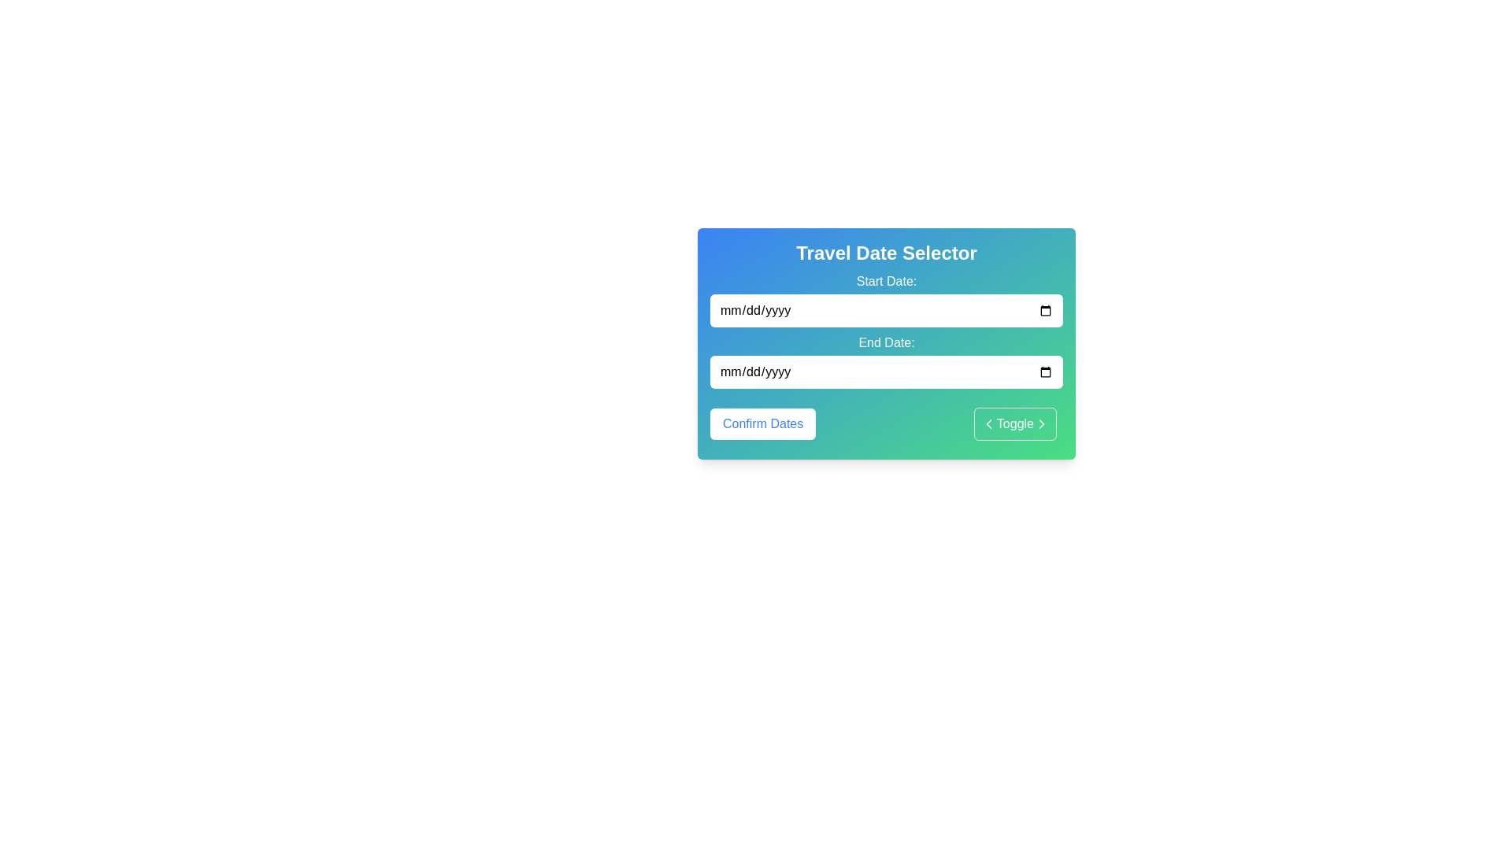 This screenshot has height=850, width=1512. What do you see at coordinates (988, 423) in the screenshot?
I see `the SVG icon that serves as a visual indicator for the toggle button, located at the right side of the 'Toggle' button` at bounding box center [988, 423].